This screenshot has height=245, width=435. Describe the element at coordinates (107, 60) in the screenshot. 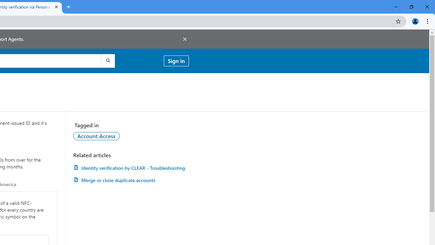

I see `'Submit search'` at that location.